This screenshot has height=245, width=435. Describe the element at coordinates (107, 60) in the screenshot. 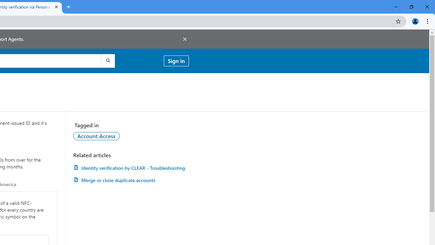

I see `'Submit search'` at that location.